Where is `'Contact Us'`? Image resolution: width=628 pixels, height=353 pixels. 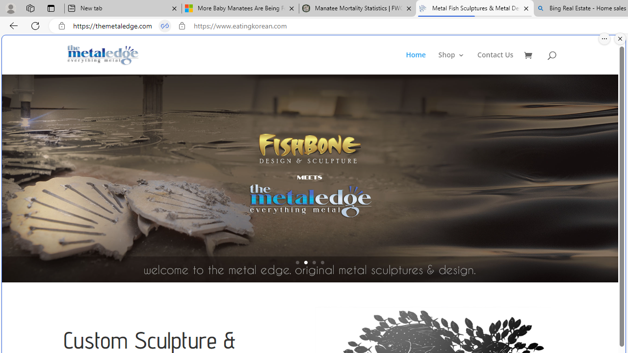
'Contact Us' is located at coordinates (495, 63).